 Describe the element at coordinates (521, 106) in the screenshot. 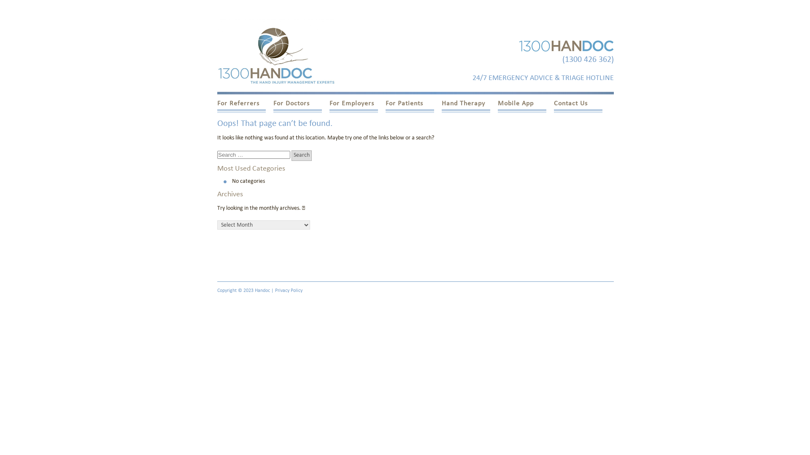

I see `'Mobile App'` at that location.